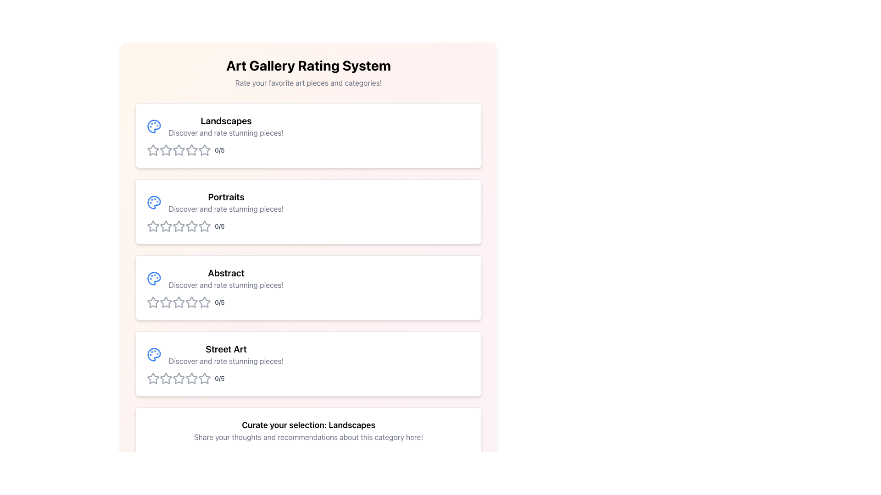 The width and height of the screenshot is (881, 495). What do you see at coordinates (204, 149) in the screenshot?
I see `the second star icon in the rating system under the 'Landscapes' section` at bounding box center [204, 149].